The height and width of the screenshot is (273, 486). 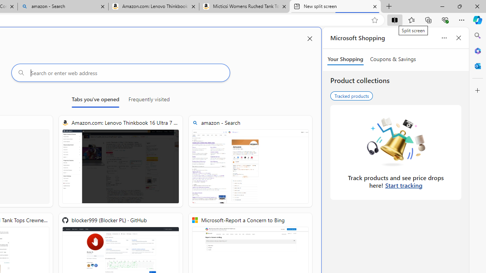 I want to click on 'Search or enter web address', so click(x=120, y=72).